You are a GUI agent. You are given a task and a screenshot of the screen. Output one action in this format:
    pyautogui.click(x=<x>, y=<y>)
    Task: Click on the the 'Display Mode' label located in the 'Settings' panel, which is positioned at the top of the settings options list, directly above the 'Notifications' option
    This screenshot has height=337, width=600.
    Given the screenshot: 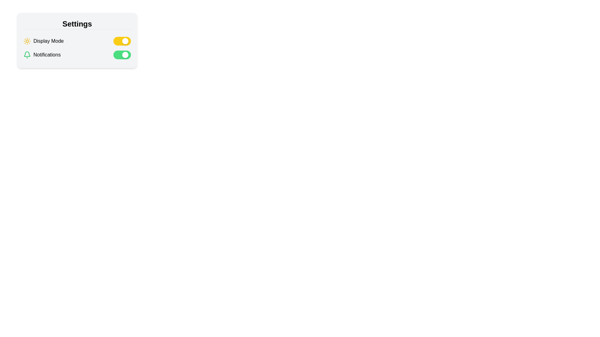 What is the action you would take?
    pyautogui.click(x=43, y=41)
    